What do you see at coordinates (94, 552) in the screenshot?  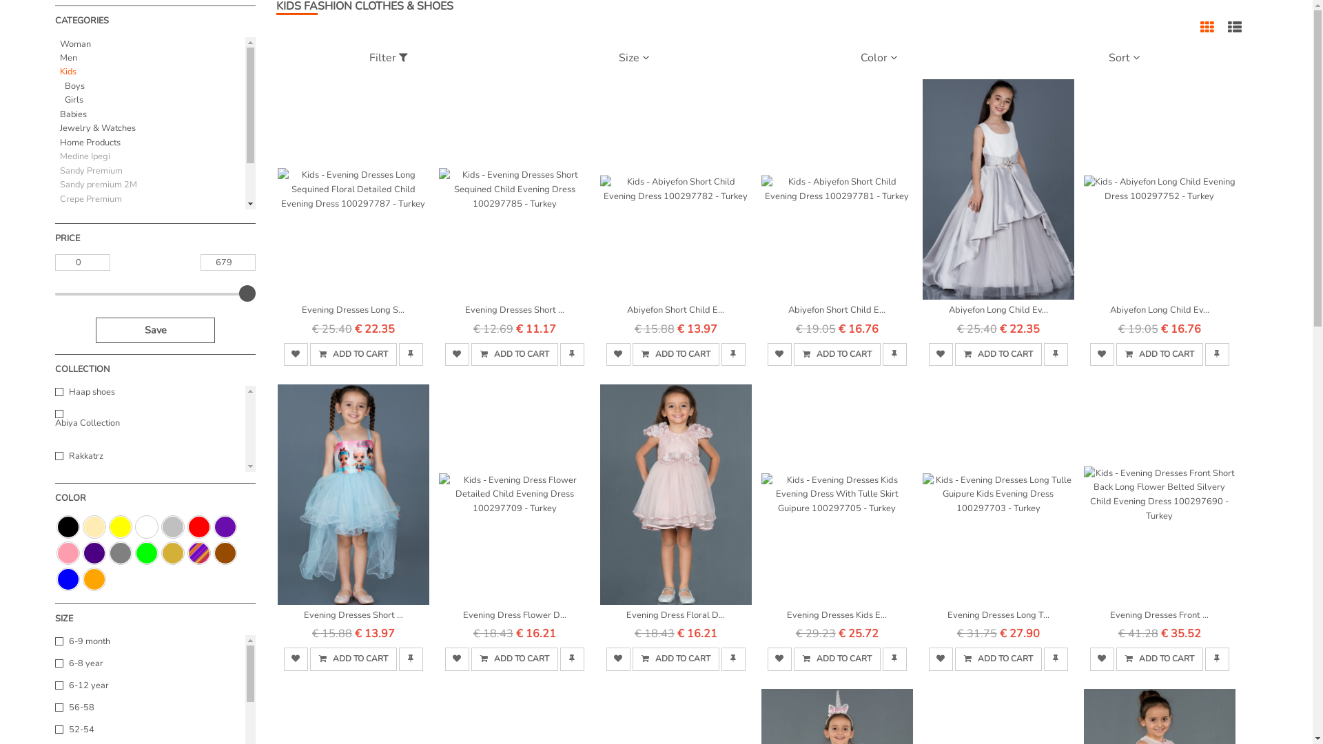 I see `'Indigo'` at bounding box center [94, 552].